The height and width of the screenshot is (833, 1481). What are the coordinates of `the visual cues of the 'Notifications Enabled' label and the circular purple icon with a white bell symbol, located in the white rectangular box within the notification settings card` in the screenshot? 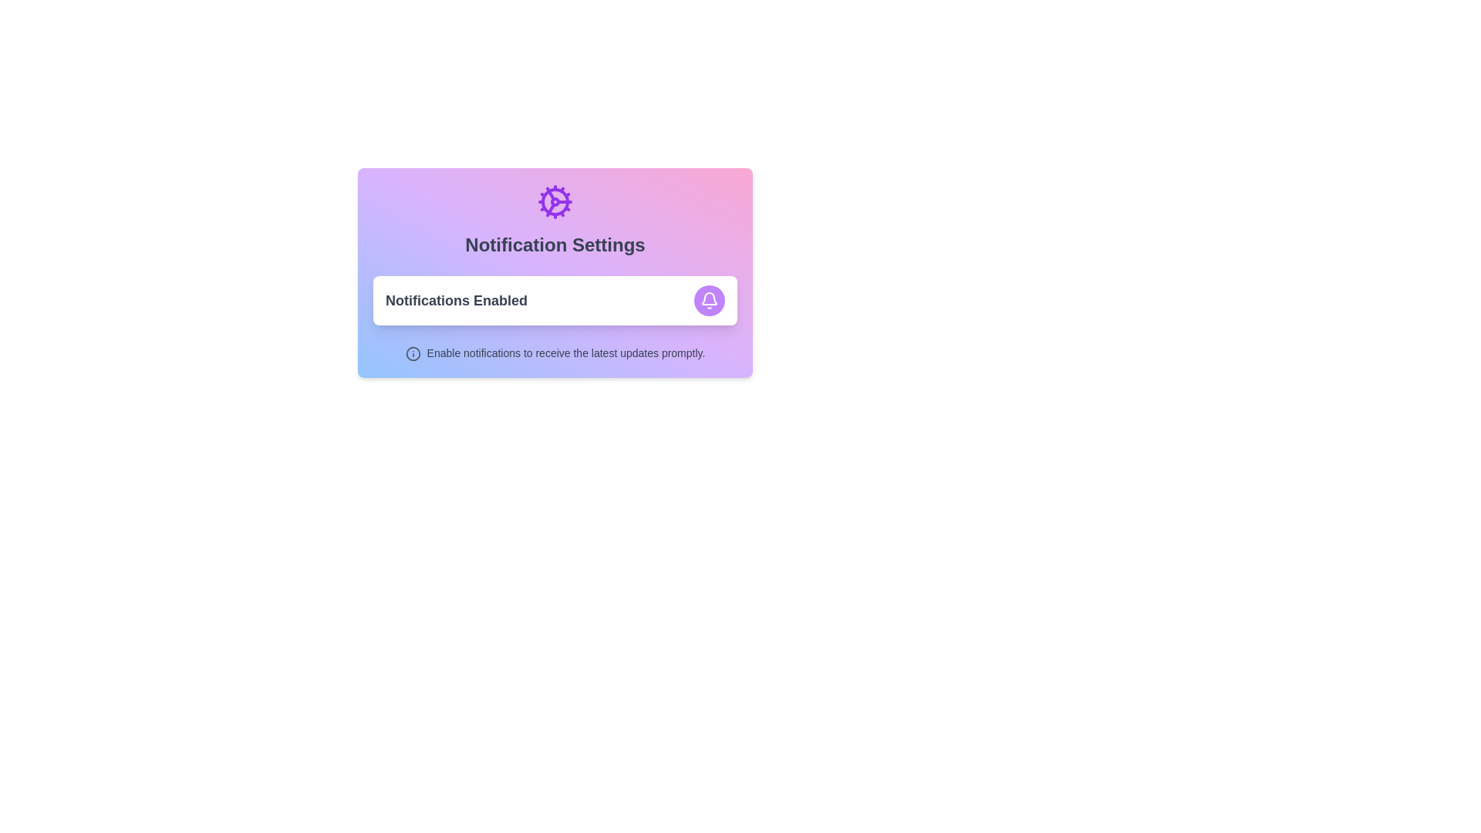 It's located at (555, 300).